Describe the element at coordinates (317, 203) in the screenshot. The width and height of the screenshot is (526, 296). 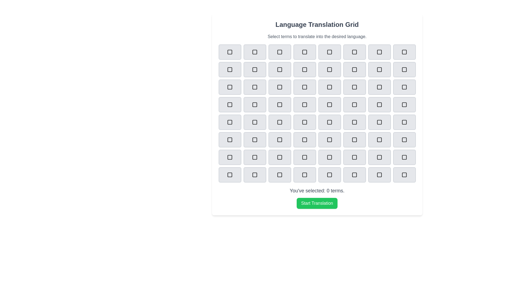
I see `'Start Translation' button to initiate the translation process` at that location.